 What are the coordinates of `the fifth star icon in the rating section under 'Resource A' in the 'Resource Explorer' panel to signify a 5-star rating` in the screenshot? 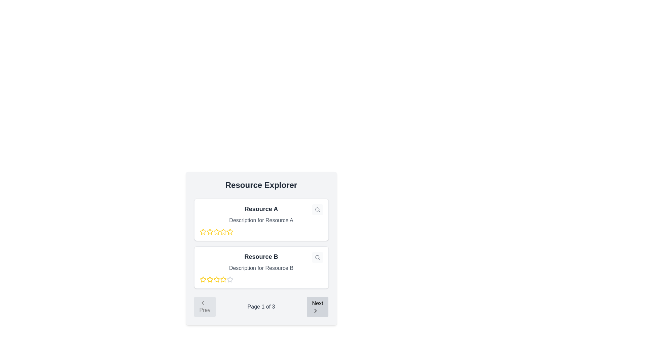 It's located at (223, 232).